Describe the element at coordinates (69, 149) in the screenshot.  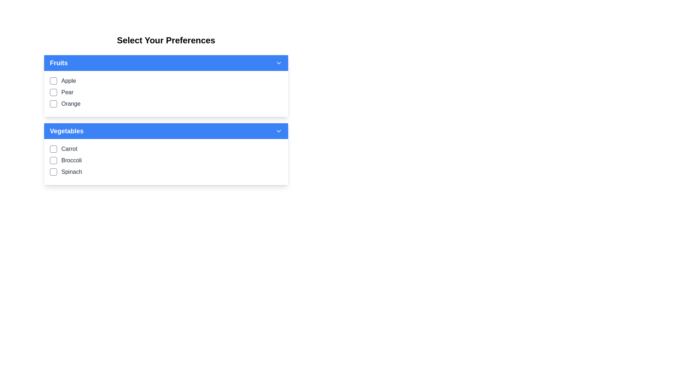
I see `the 'Carrot' text label, which identifies the option within the 'Vegetables' section, positioned to the right of the checkbox` at that location.